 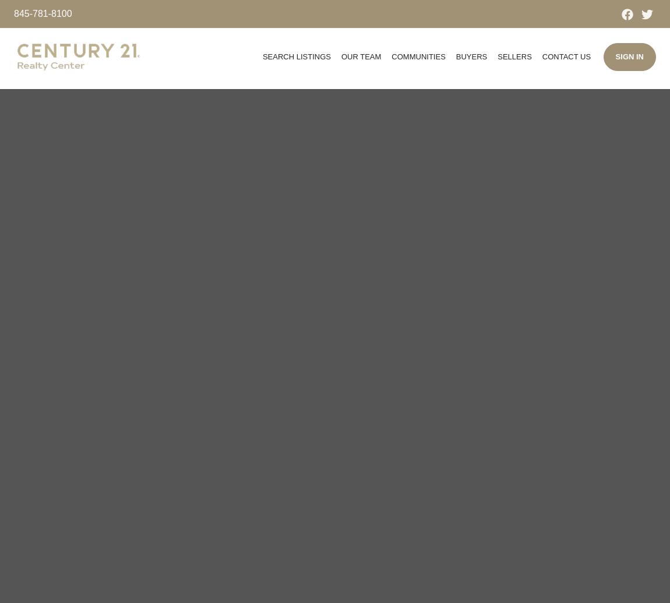 I want to click on 'Communities', so click(x=417, y=56).